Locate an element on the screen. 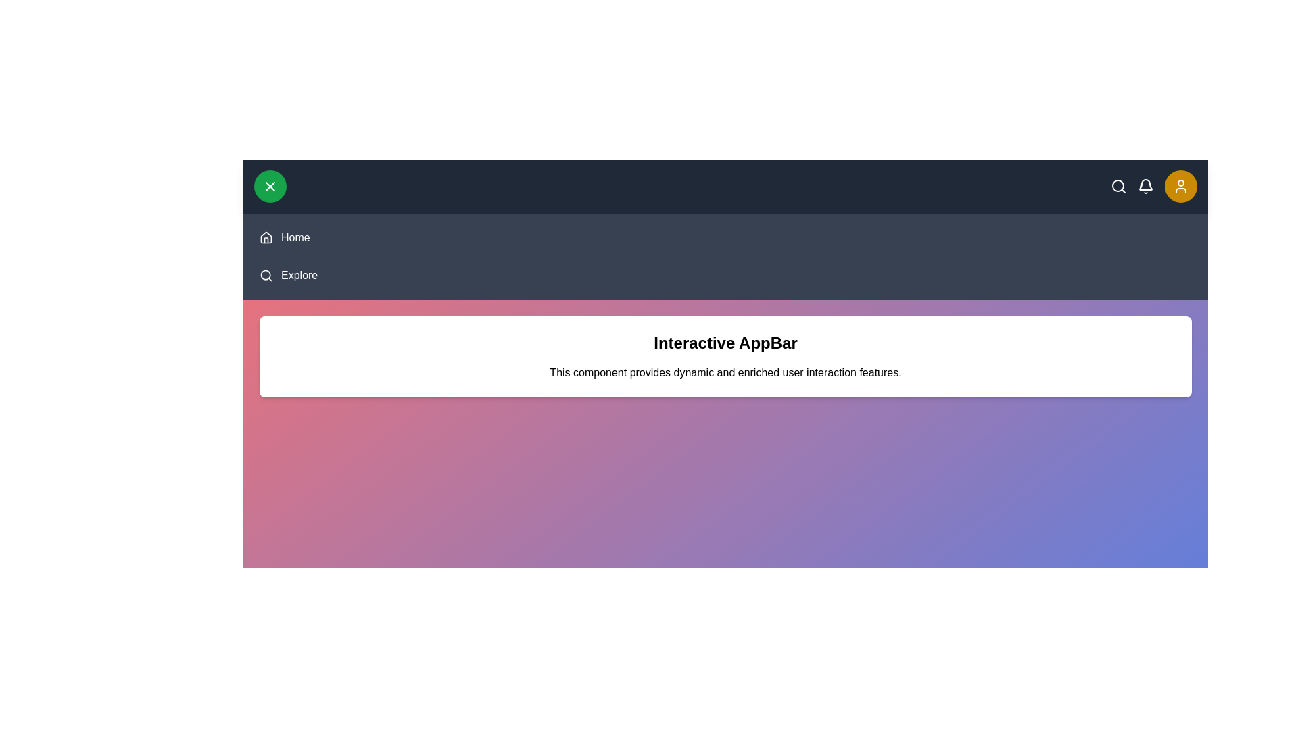  the bell icon to view notifications is located at coordinates (1145, 187).